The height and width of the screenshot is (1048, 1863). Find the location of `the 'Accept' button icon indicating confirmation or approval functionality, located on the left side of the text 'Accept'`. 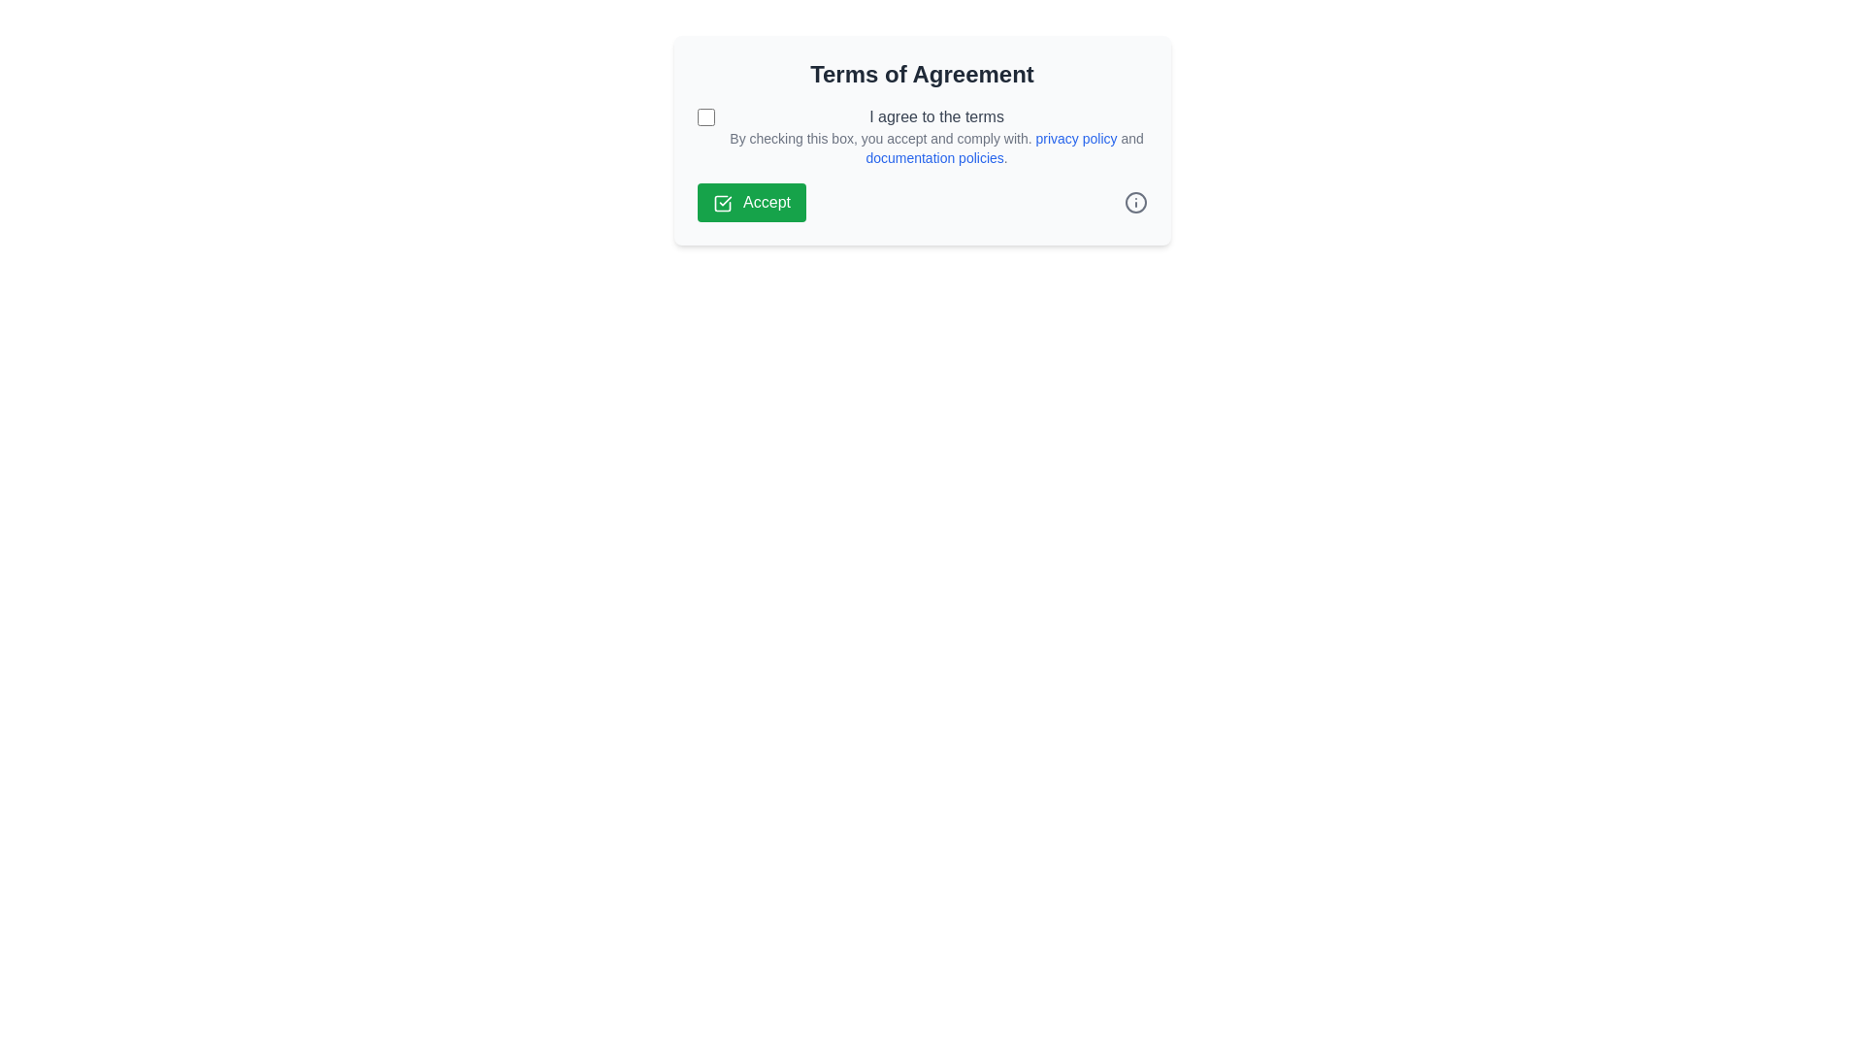

the 'Accept' button icon indicating confirmation or approval functionality, located on the left side of the text 'Accept' is located at coordinates (721, 203).